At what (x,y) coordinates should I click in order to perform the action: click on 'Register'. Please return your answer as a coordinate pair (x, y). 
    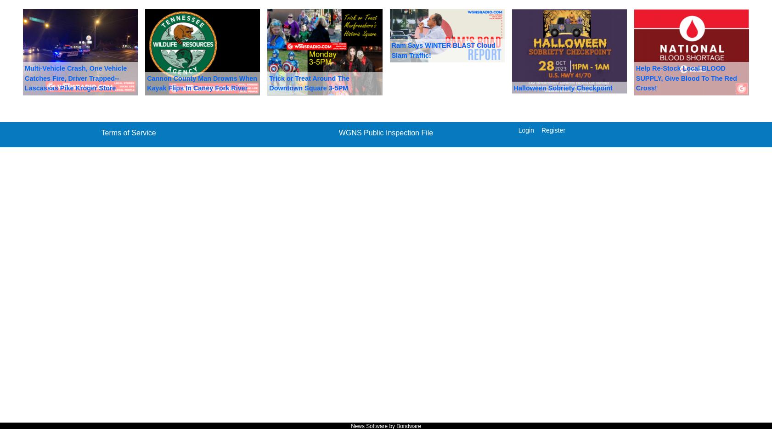
    Looking at the image, I should click on (541, 129).